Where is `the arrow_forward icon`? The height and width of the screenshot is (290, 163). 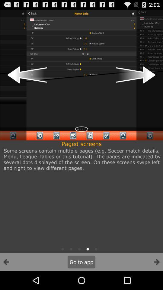 the arrow_forward icon is located at coordinates (156, 280).